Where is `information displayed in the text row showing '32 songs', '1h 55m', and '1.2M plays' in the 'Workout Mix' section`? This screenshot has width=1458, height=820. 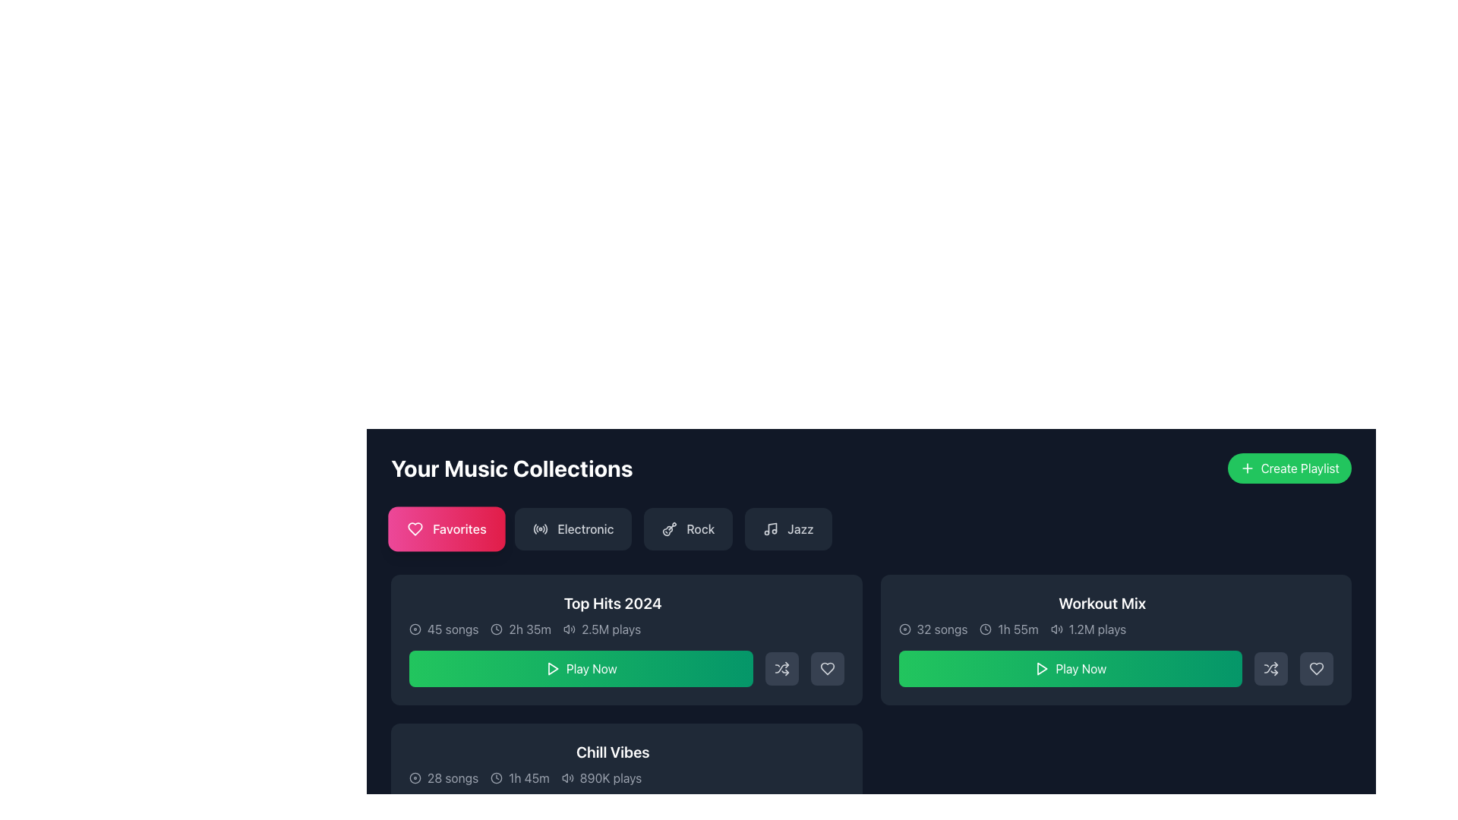
information displayed in the text row showing '32 songs', '1h 55m', and '1.2M plays' in the 'Workout Mix' section is located at coordinates (1102, 629).